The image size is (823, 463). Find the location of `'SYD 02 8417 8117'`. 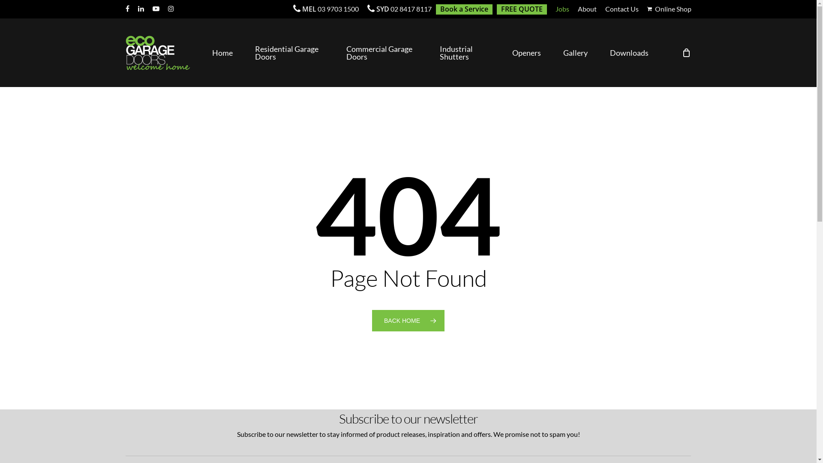

'SYD 02 8417 8117' is located at coordinates (399, 9).